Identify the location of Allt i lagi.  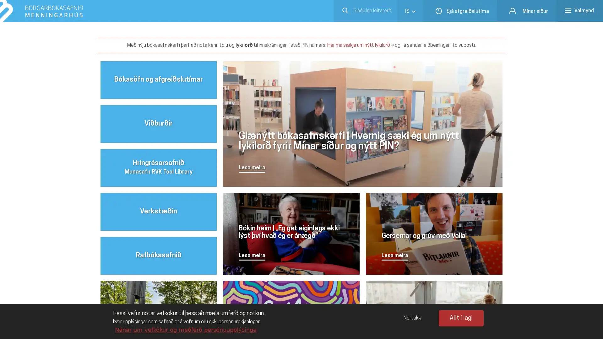
(461, 318).